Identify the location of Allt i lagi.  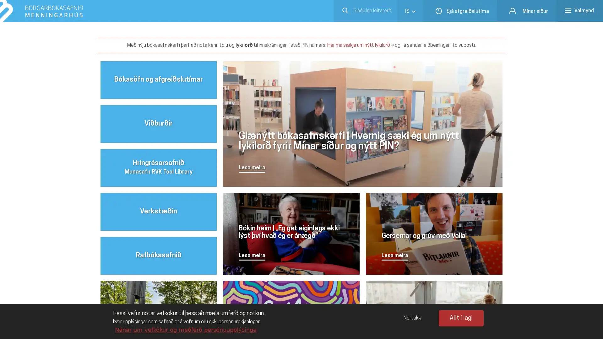
(461, 318).